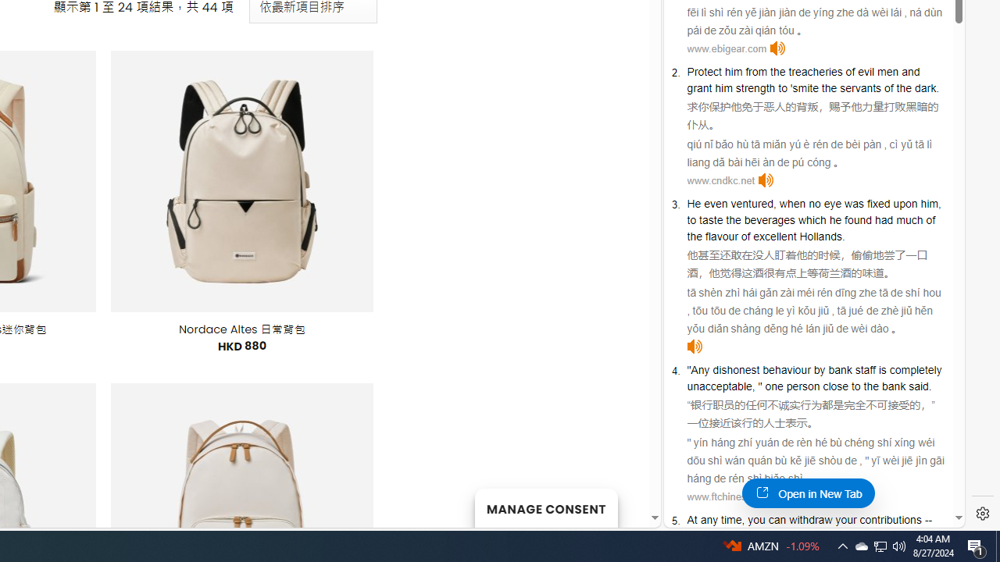  Describe the element at coordinates (735, 369) in the screenshot. I see `'dishonest'` at that location.